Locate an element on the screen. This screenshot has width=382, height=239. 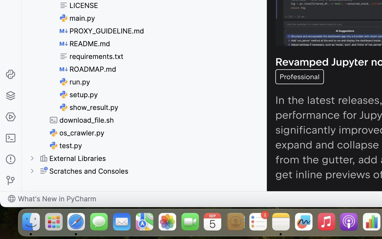
'run.py' is located at coordinates (75, 81).